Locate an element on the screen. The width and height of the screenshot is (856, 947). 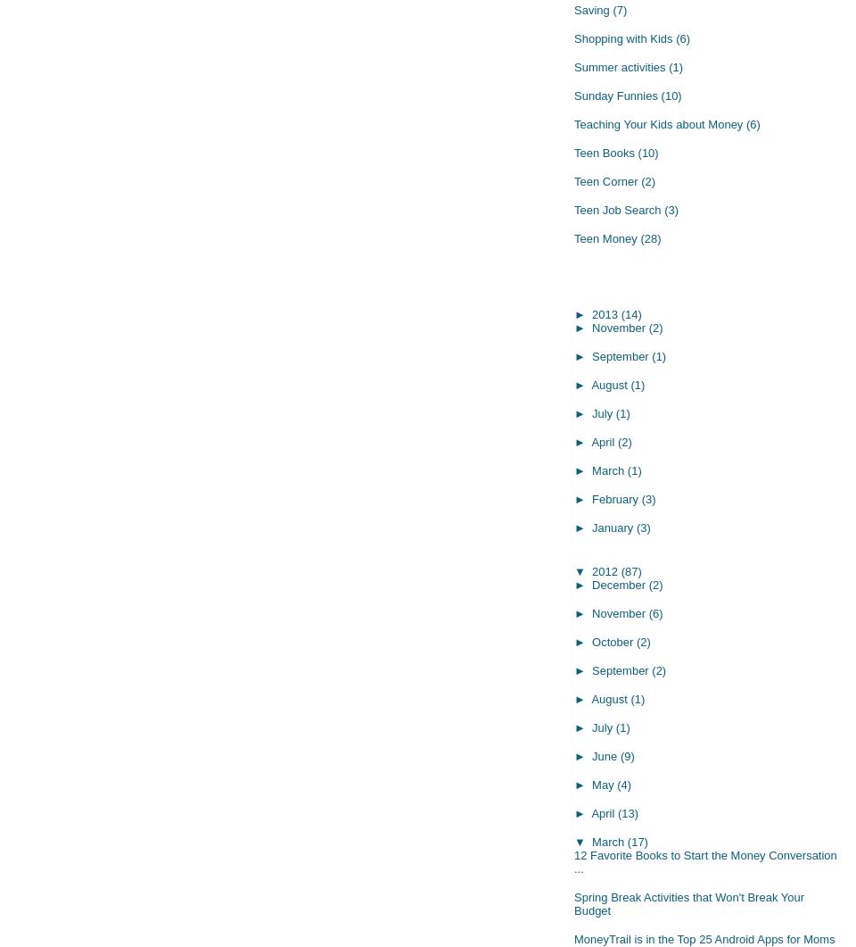
'Teen Corner' is located at coordinates (605, 179).